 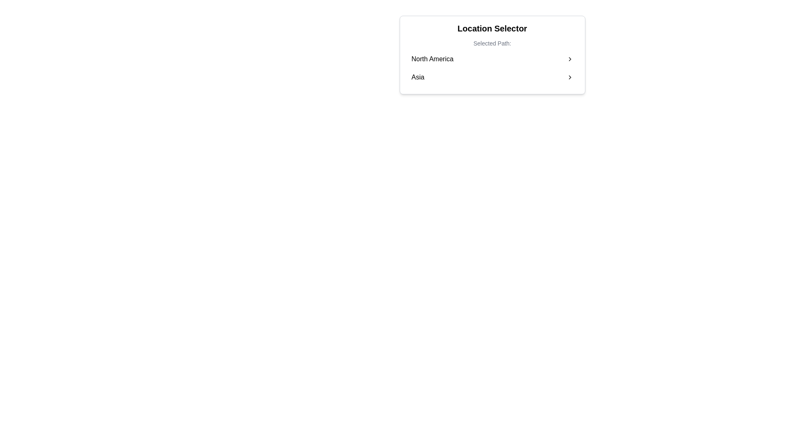 I want to click on the second selectable list item in the 'Location Selector' box, so click(x=492, y=77).